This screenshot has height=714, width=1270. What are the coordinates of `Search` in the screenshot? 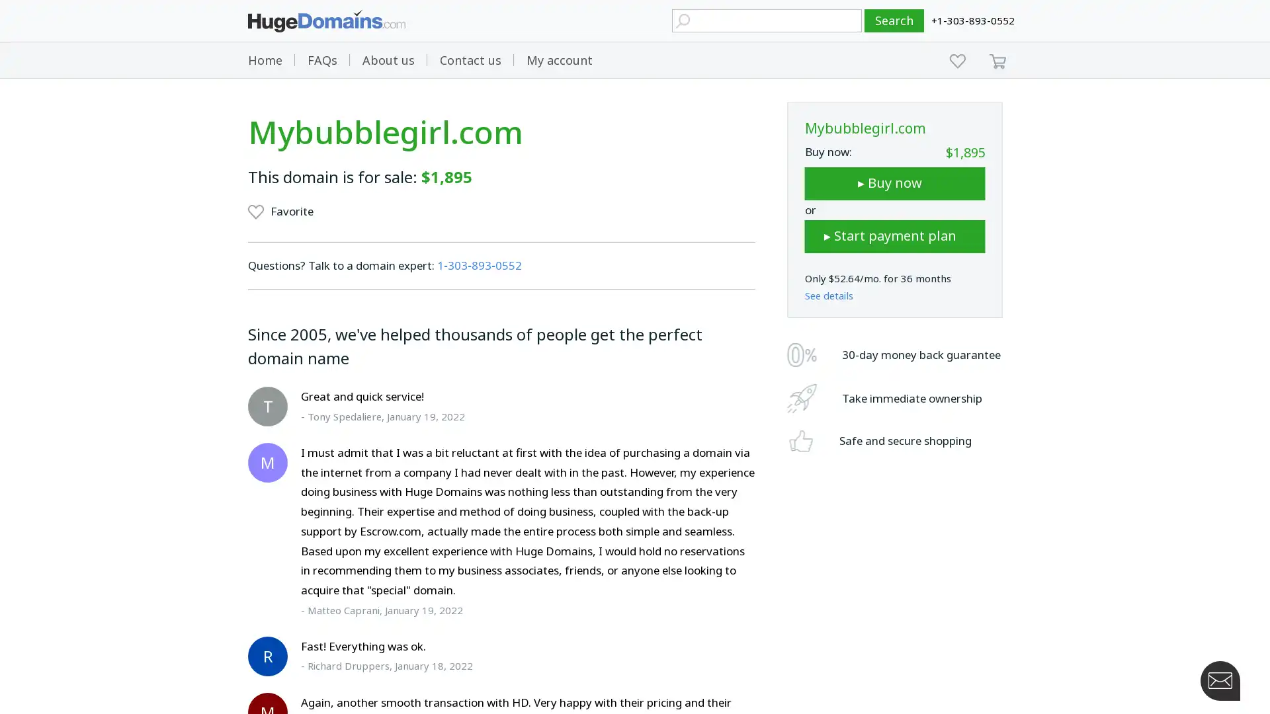 It's located at (894, 20).